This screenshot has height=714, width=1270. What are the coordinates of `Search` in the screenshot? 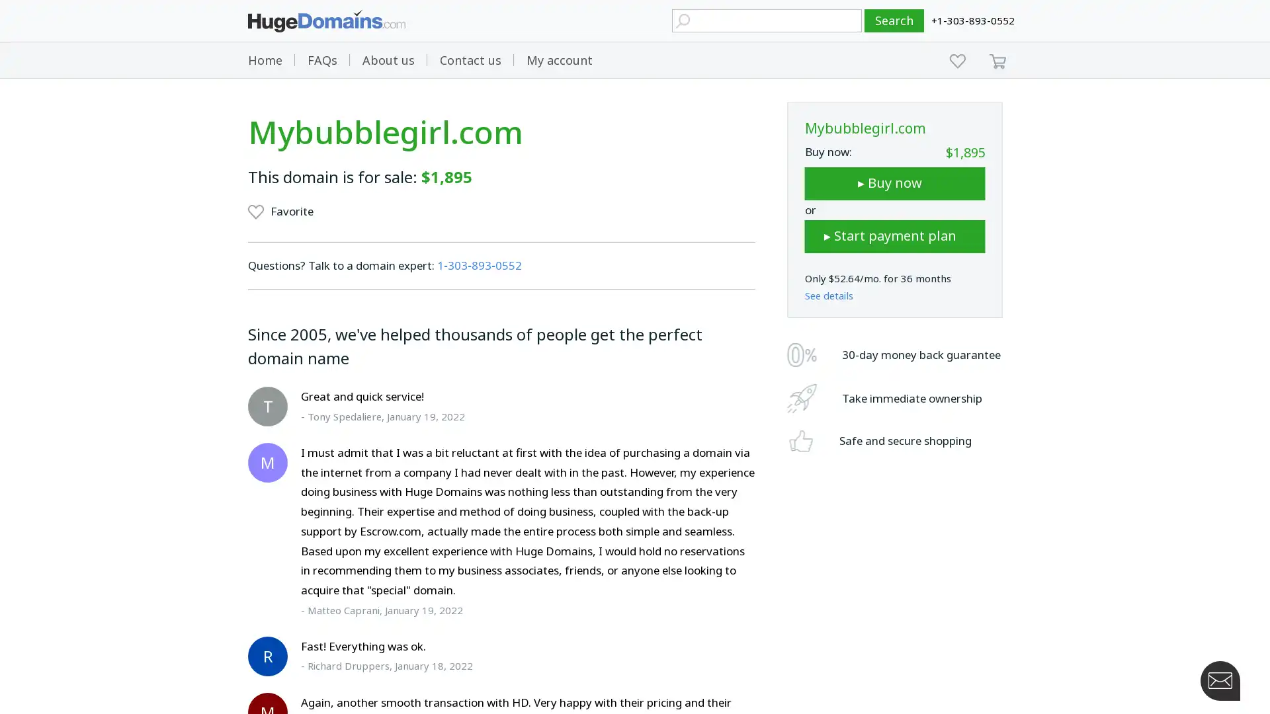 It's located at (894, 20).